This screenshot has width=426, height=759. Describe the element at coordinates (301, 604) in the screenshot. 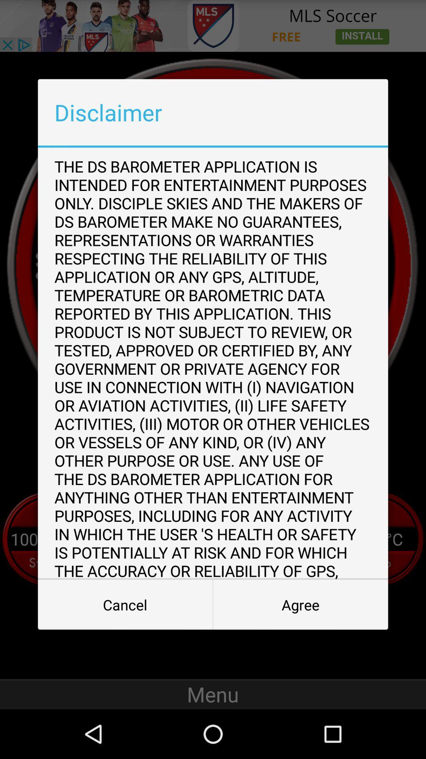

I see `the button next to cancel icon` at that location.